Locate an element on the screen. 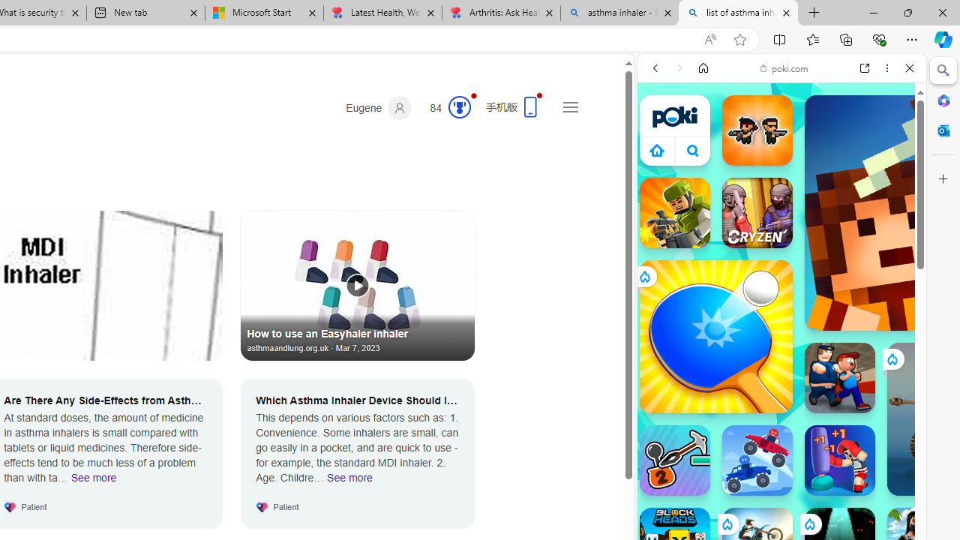 This screenshot has height=540, width=960. 'Zombie Rush' is located at coordinates (757, 129).